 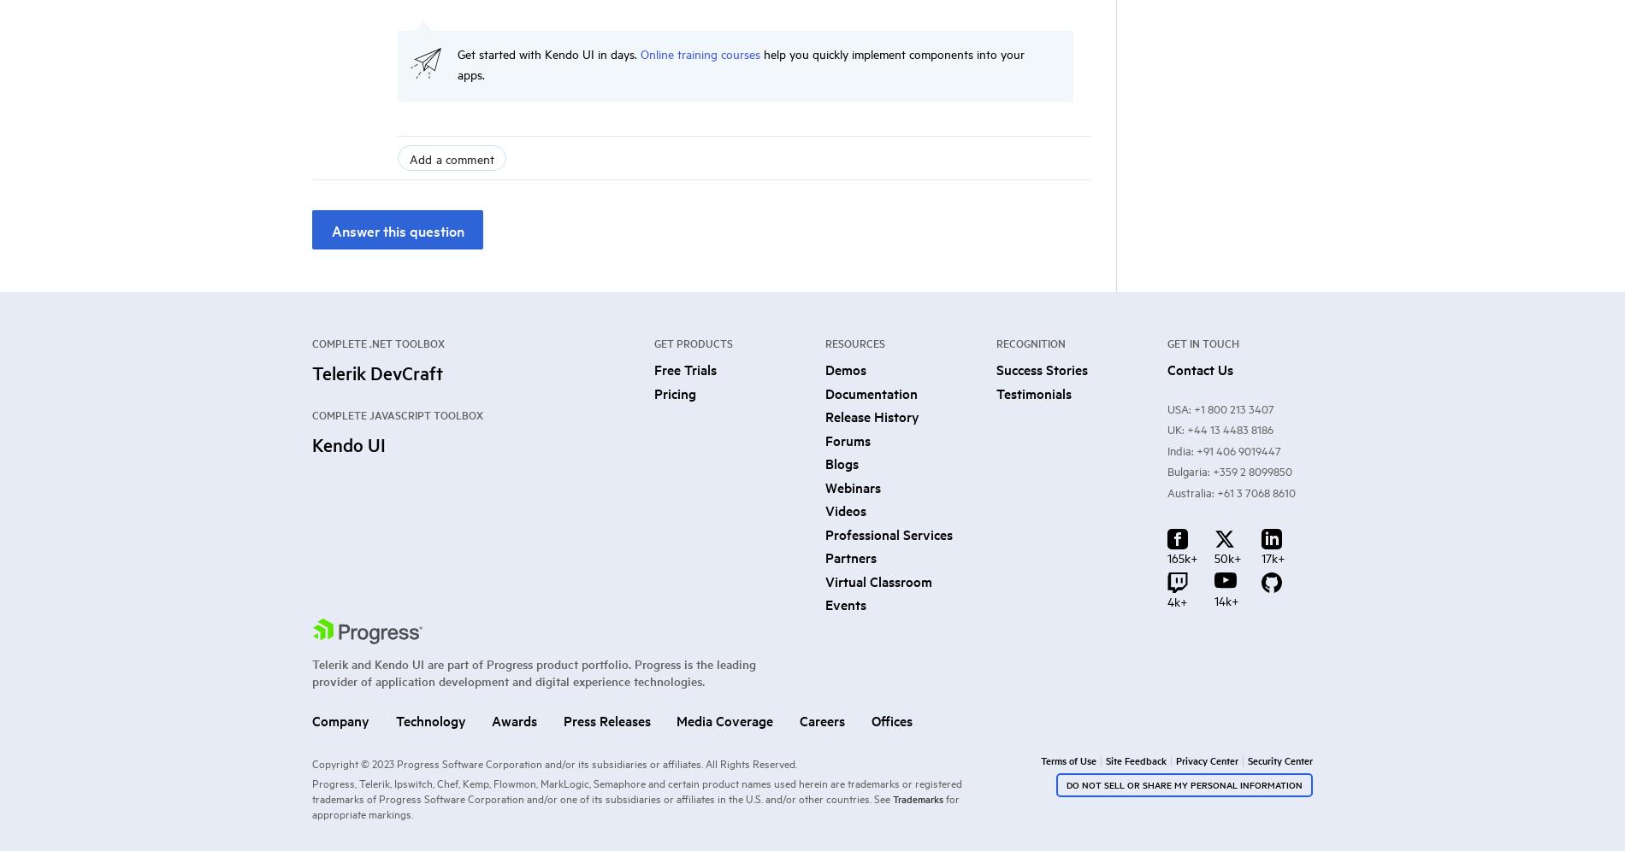 What do you see at coordinates (452, 158) in the screenshot?
I see `'Add a comment'` at bounding box center [452, 158].